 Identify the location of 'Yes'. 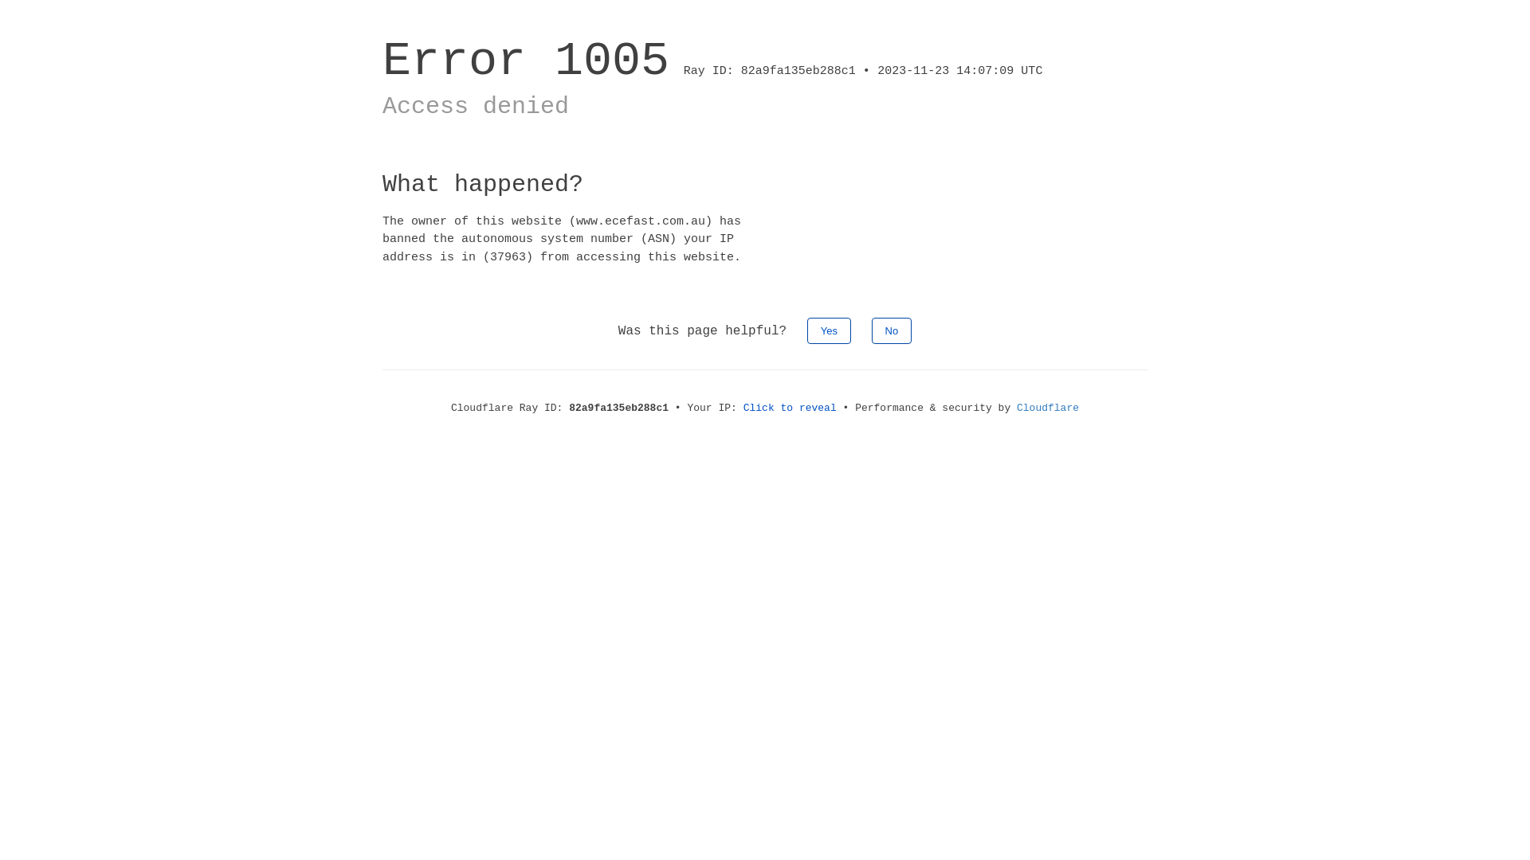
(829, 330).